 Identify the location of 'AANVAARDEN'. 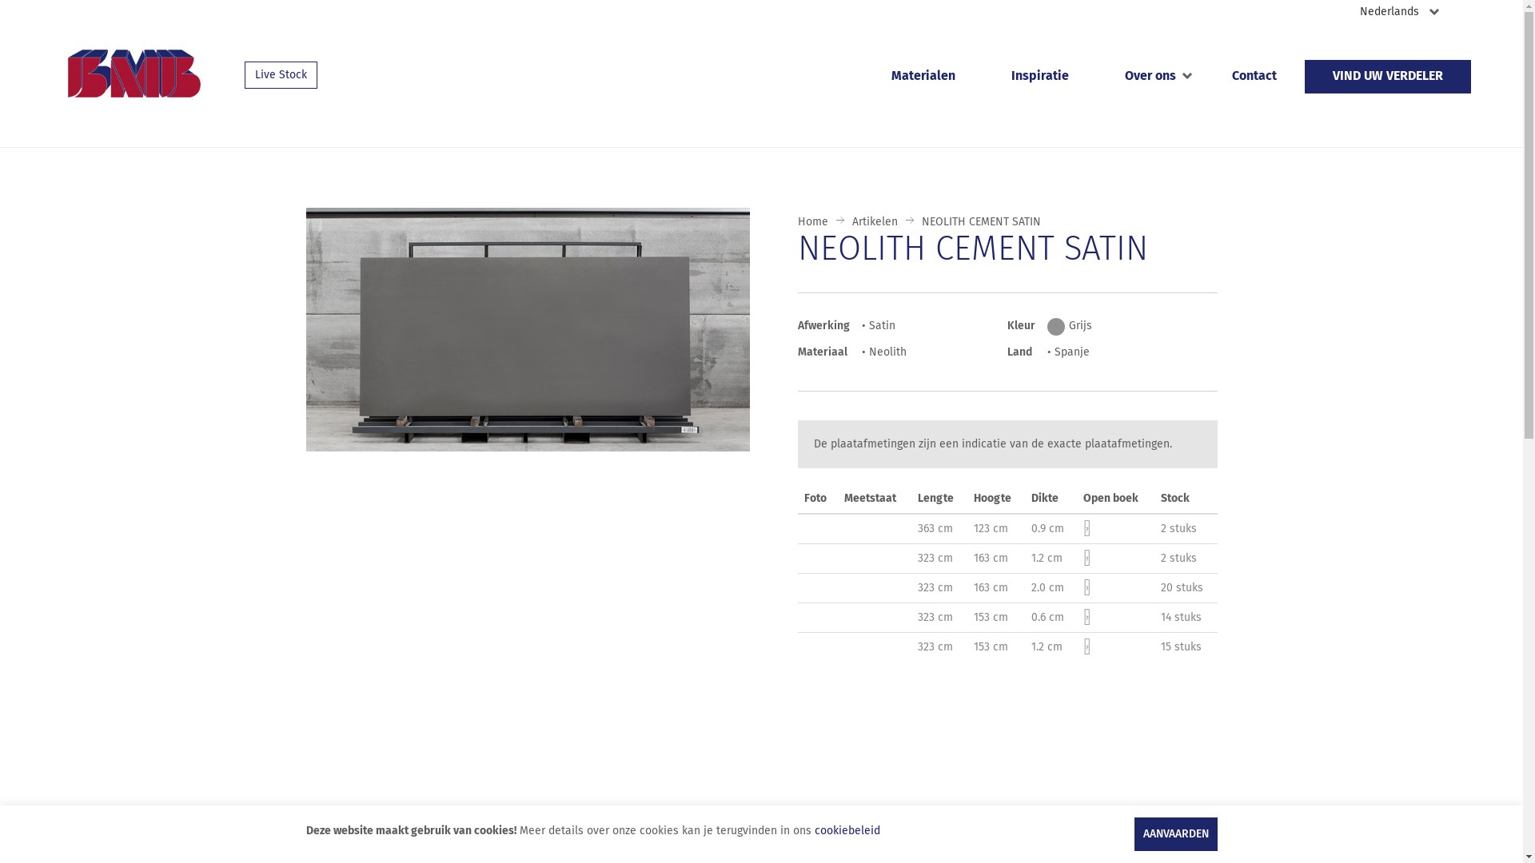
(1132, 833).